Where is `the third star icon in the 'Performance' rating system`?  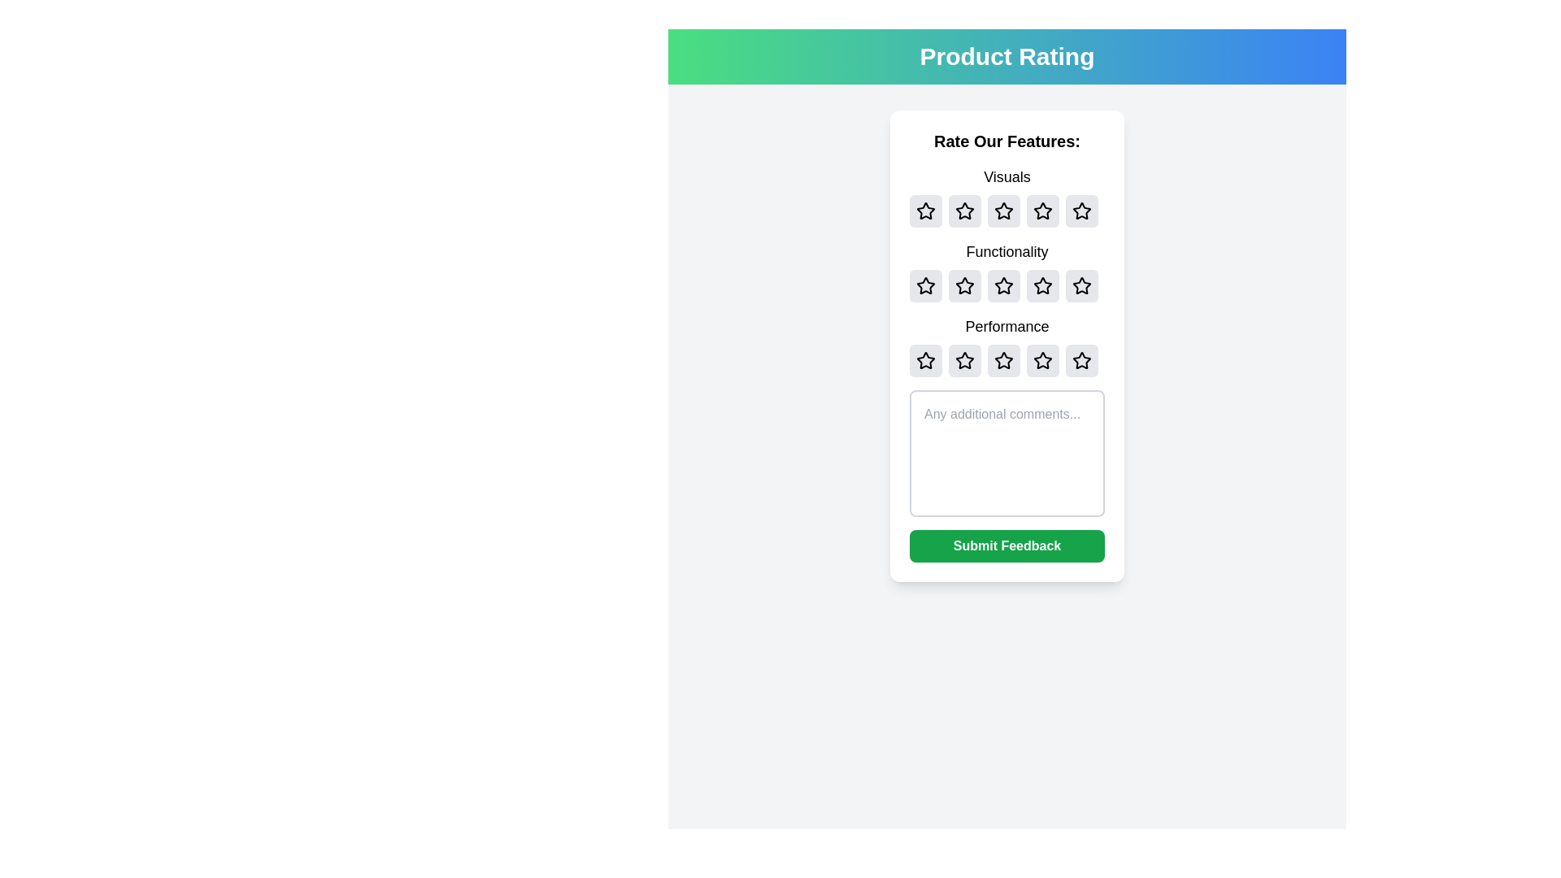 the third star icon in the 'Performance' rating system is located at coordinates (1006, 359).